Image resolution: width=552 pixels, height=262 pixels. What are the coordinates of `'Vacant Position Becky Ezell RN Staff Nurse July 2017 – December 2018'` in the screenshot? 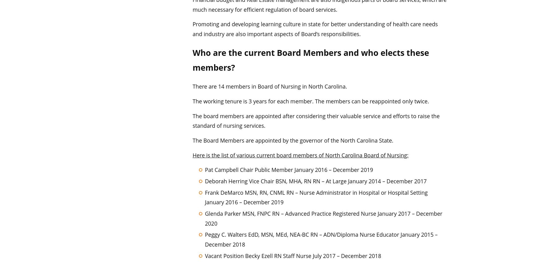 It's located at (293, 256).